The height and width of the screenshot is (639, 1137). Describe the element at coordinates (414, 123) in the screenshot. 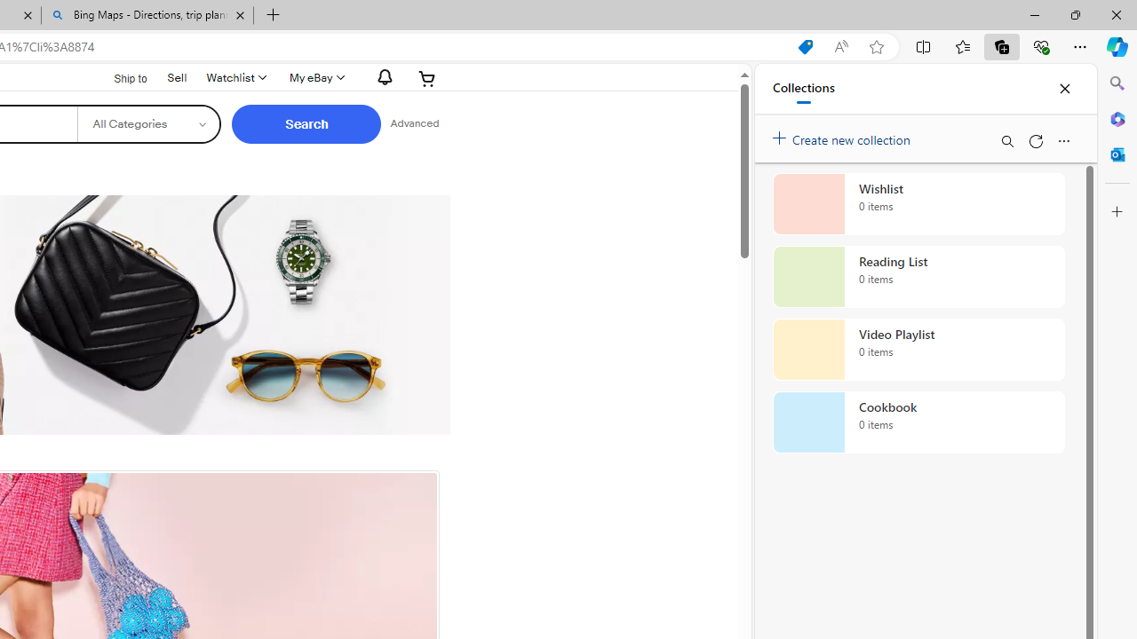

I see `'Advanced Search'` at that location.